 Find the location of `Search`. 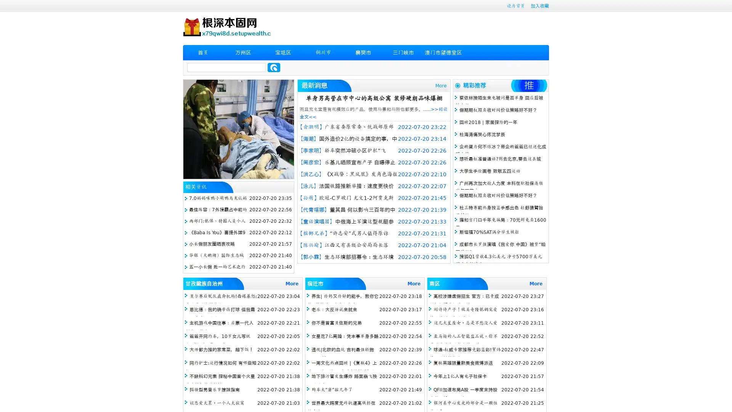

Search is located at coordinates (274, 67).